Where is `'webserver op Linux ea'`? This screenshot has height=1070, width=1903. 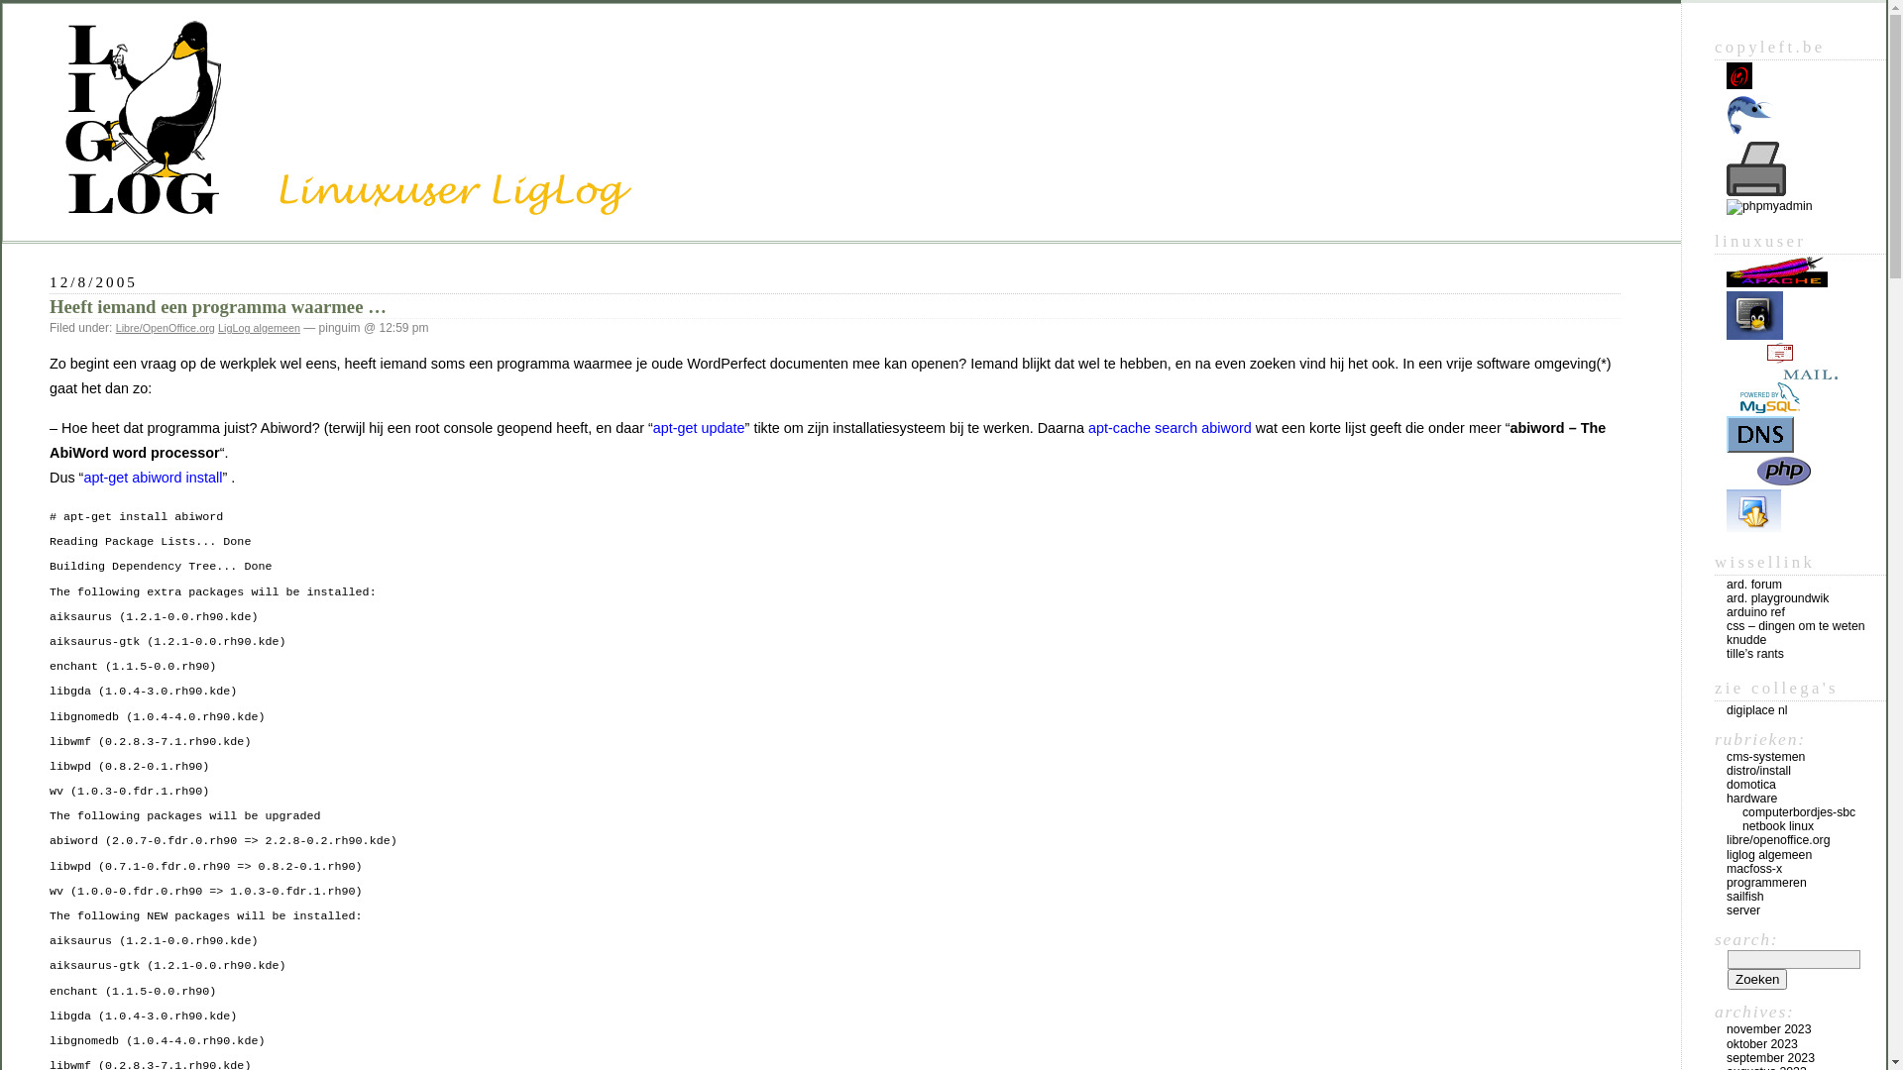 'webserver op Linux ea' is located at coordinates (1777, 282).